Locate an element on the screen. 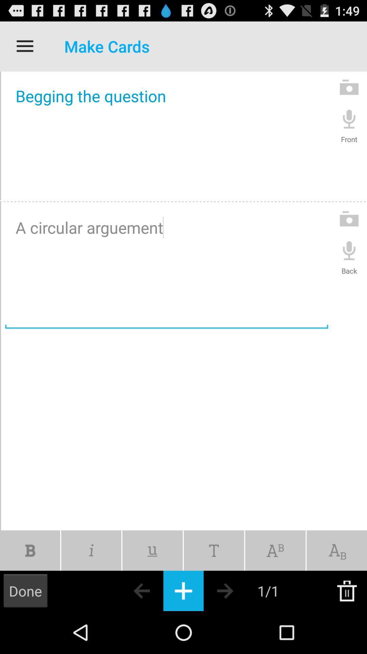  the item to the left of the make cards icon is located at coordinates (24, 46).